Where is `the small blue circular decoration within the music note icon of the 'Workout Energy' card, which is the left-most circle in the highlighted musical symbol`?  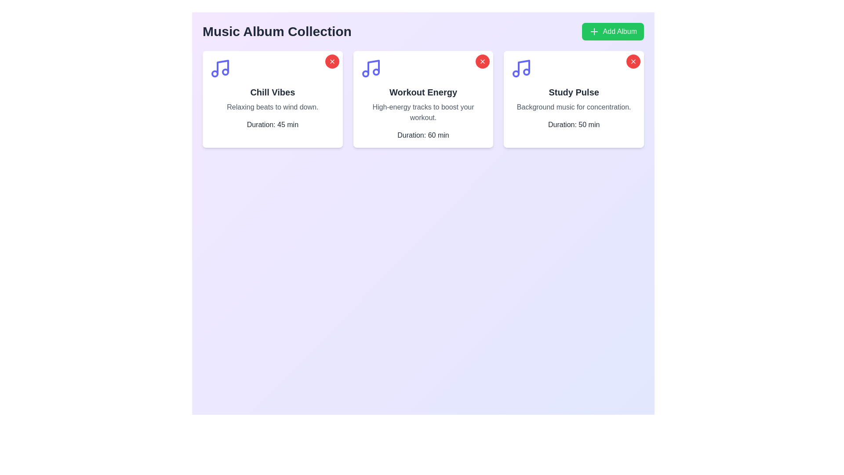 the small blue circular decoration within the music note icon of the 'Workout Energy' card, which is the left-most circle in the highlighted musical symbol is located at coordinates (365, 73).